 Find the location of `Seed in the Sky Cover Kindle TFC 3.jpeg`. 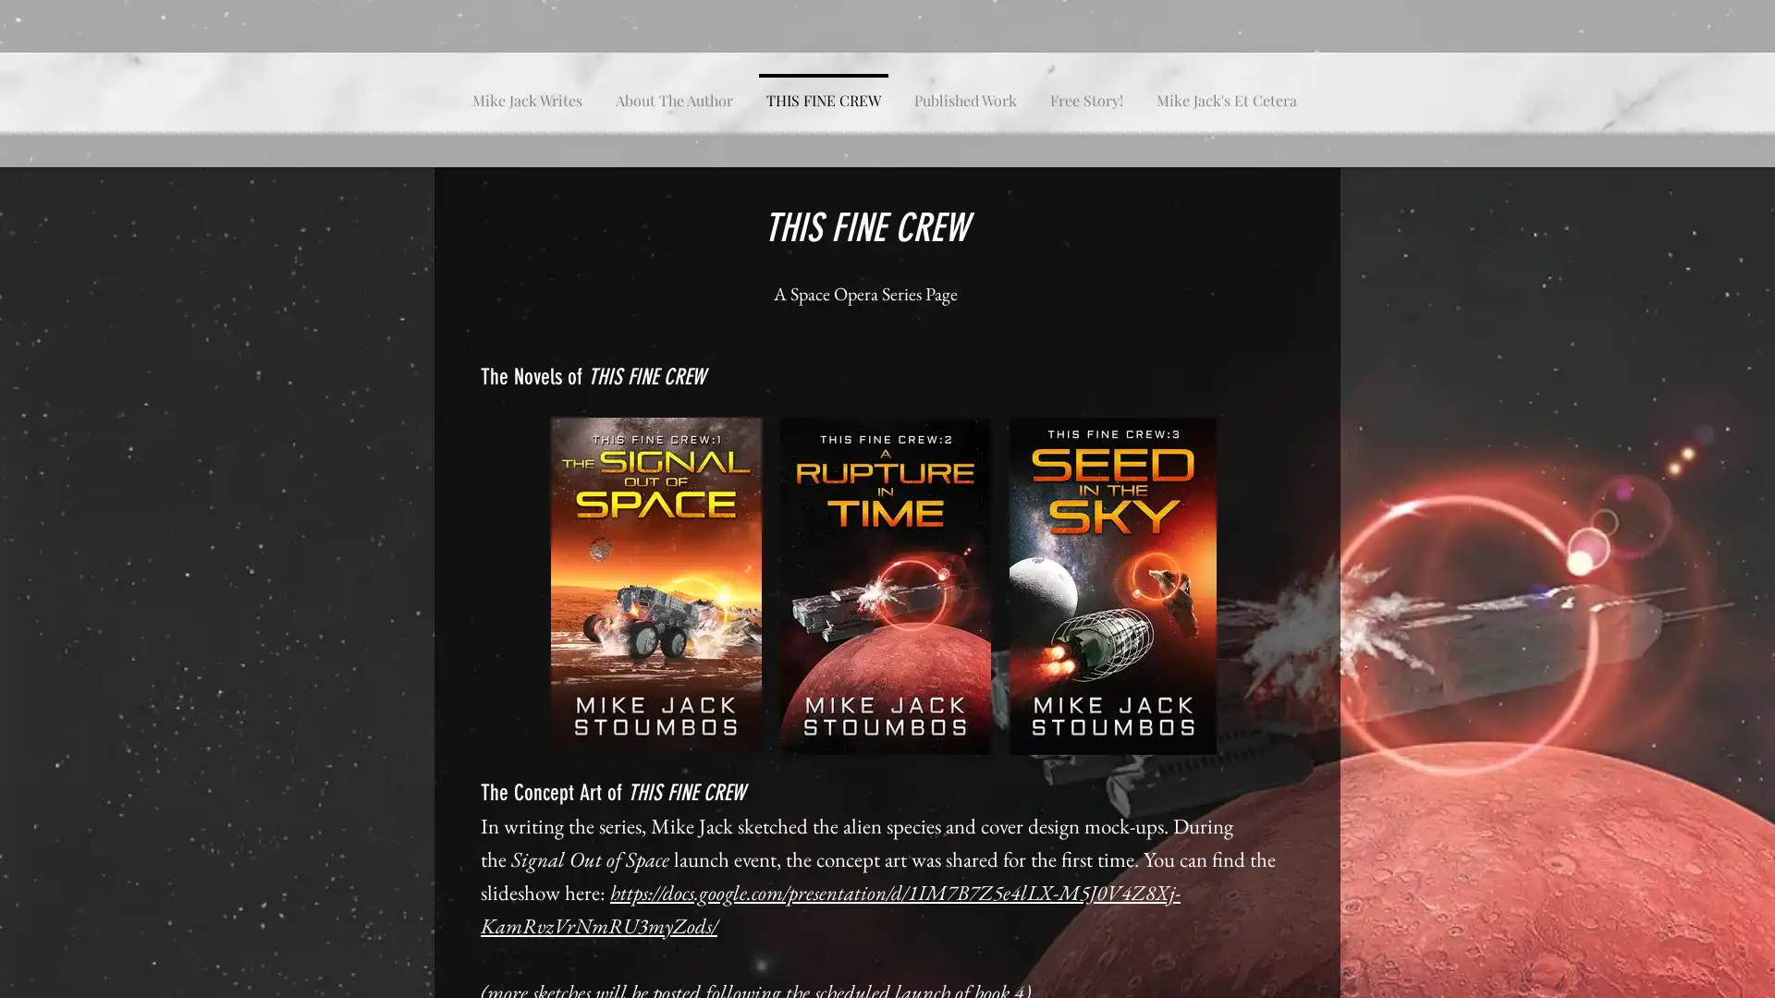

Seed in the Sky Cover Kindle TFC 3.jpeg is located at coordinates (1112, 586).